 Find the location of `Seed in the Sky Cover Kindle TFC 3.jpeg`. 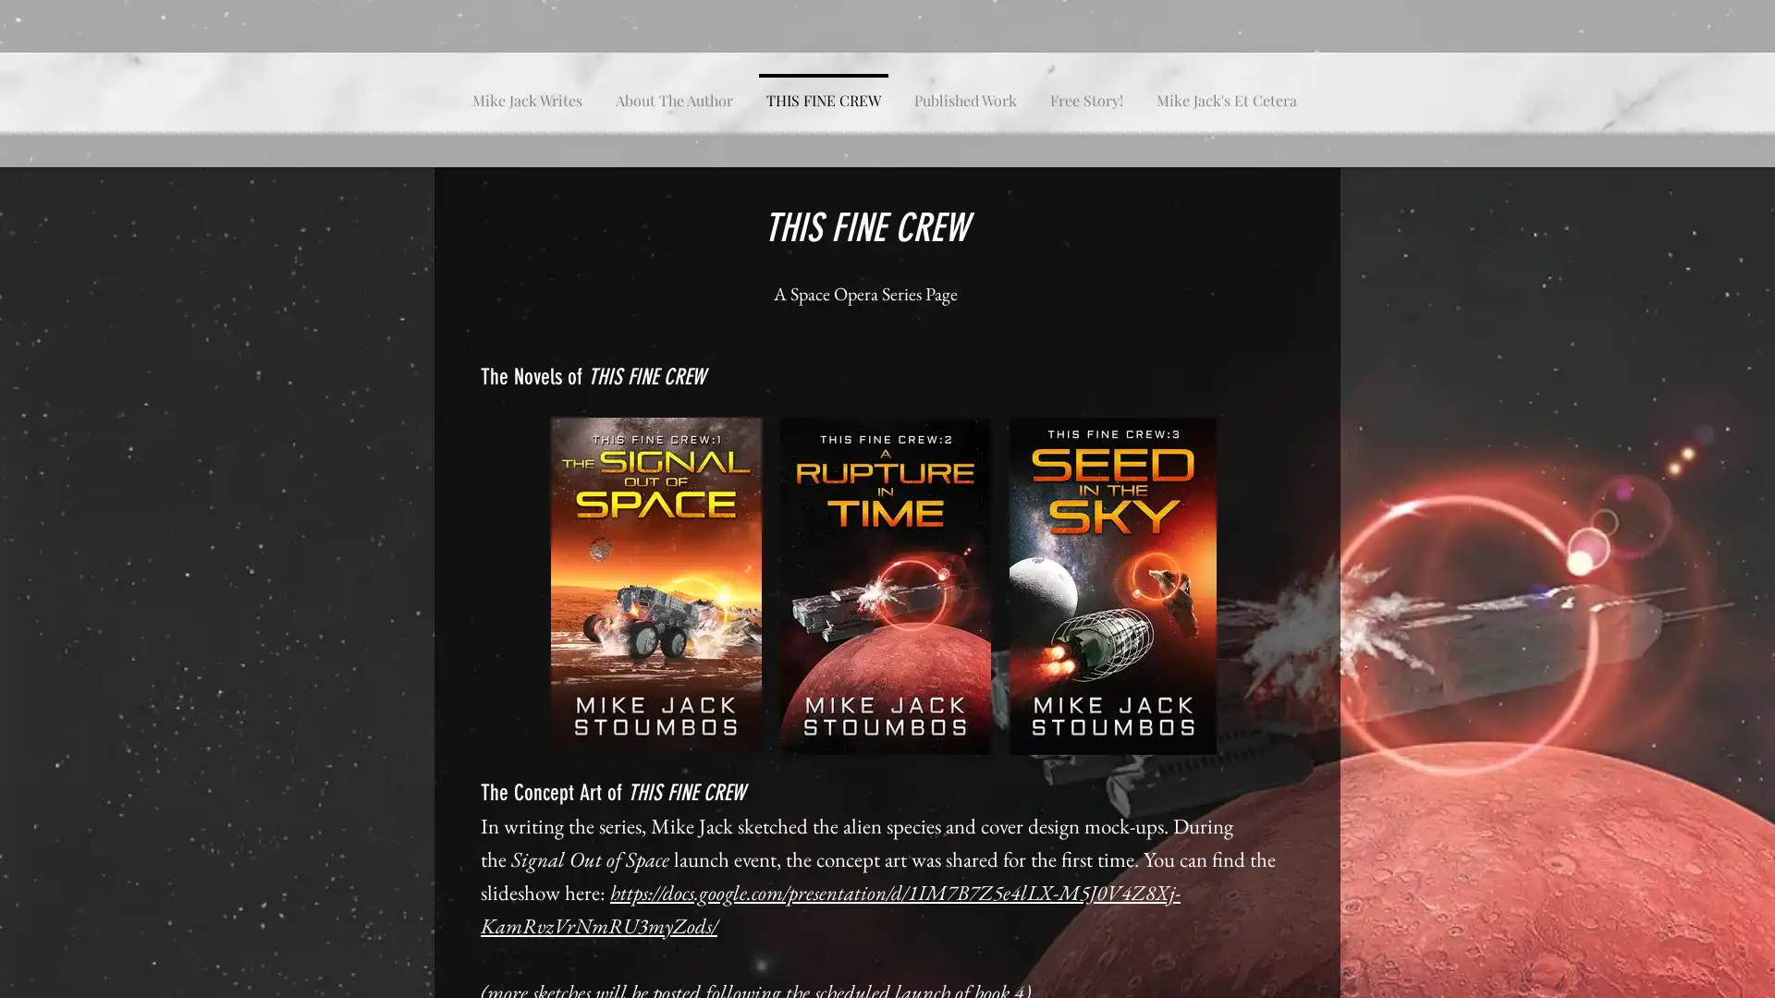

Seed in the Sky Cover Kindle TFC 3.jpeg is located at coordinates (1112, 586).